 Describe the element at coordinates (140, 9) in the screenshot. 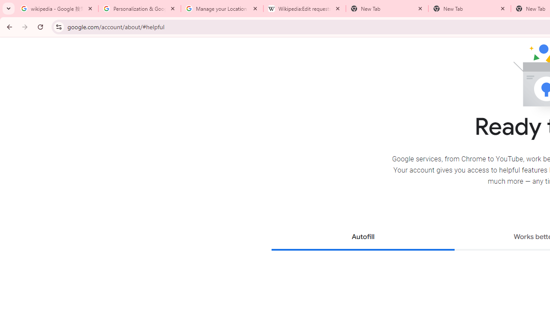

I see `'Personalization & Google Search results - Google Search Help'` at that location.